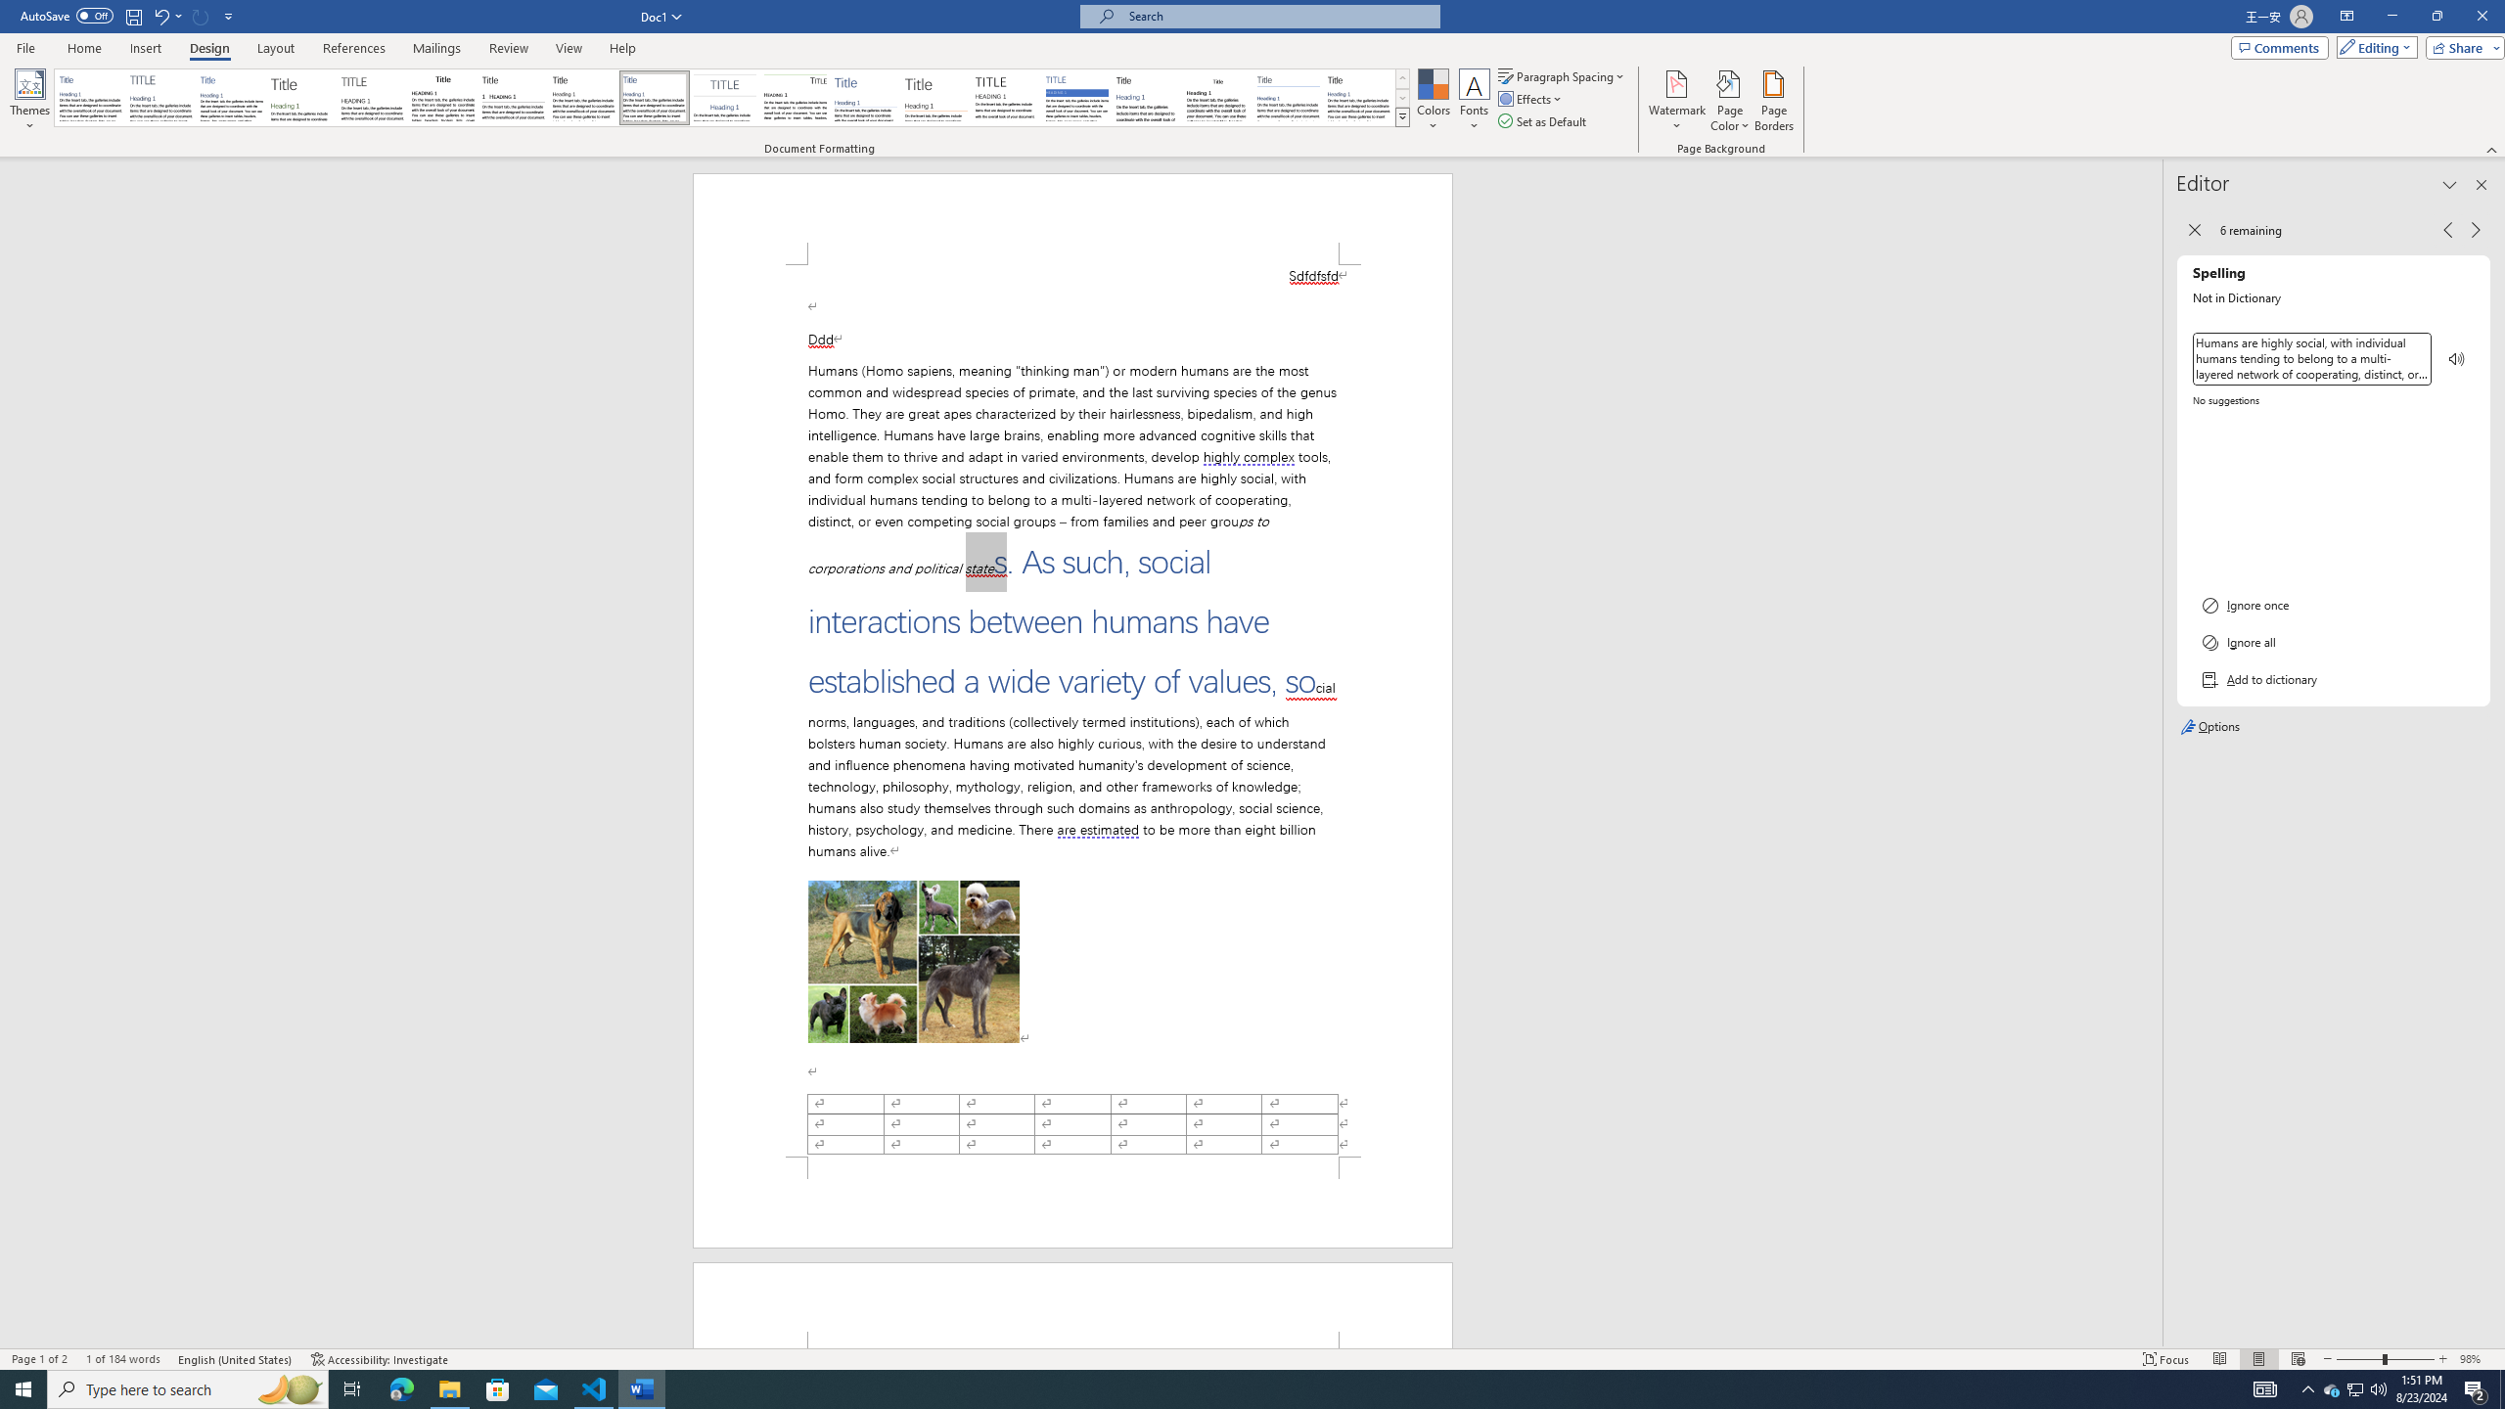 Image resolution: width=2505 pixels, height=1409 pixels. Describe the element at coordinates (1401, 115) in the screenshot. I see `'Style Set'` at that location.